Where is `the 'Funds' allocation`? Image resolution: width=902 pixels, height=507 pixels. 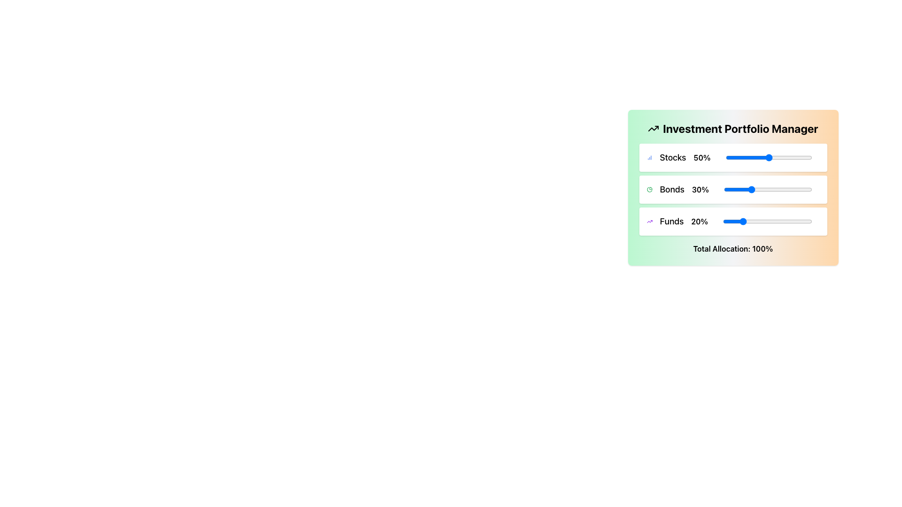 the 'Funds' allocation is located at coordinates (741, 221).